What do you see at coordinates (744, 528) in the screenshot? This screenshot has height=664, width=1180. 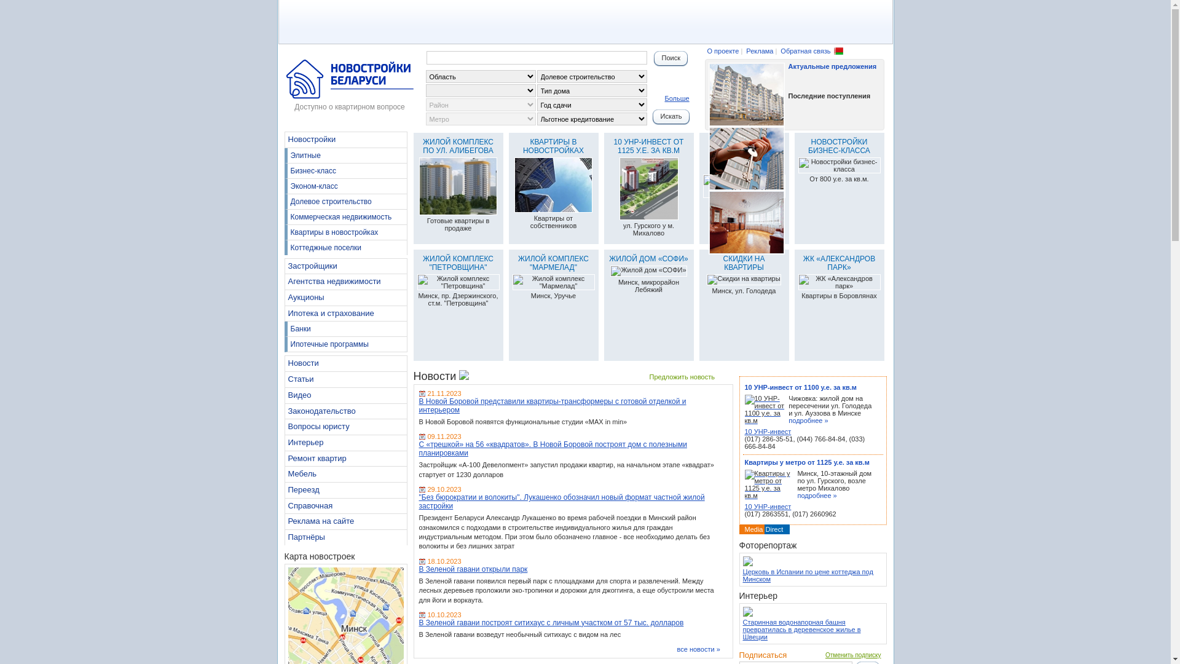 I see `'Media'` at bounding box center [744, 528].